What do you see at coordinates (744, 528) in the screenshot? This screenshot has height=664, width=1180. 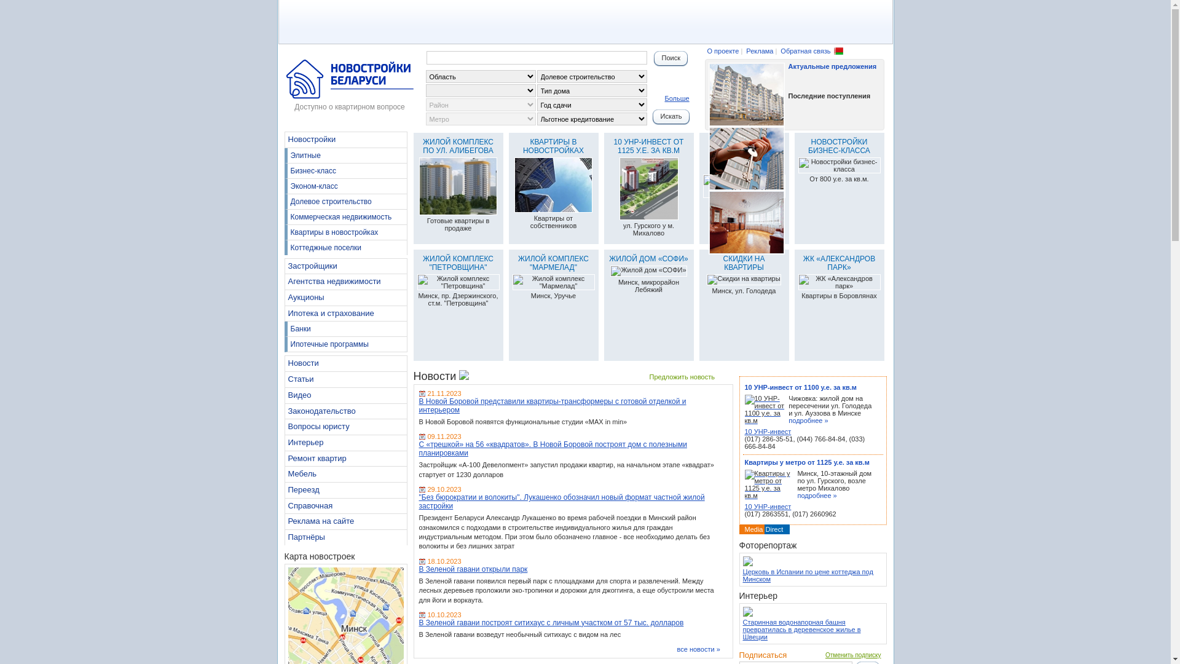 I see `'Media'` at bounding box center [744, 528].